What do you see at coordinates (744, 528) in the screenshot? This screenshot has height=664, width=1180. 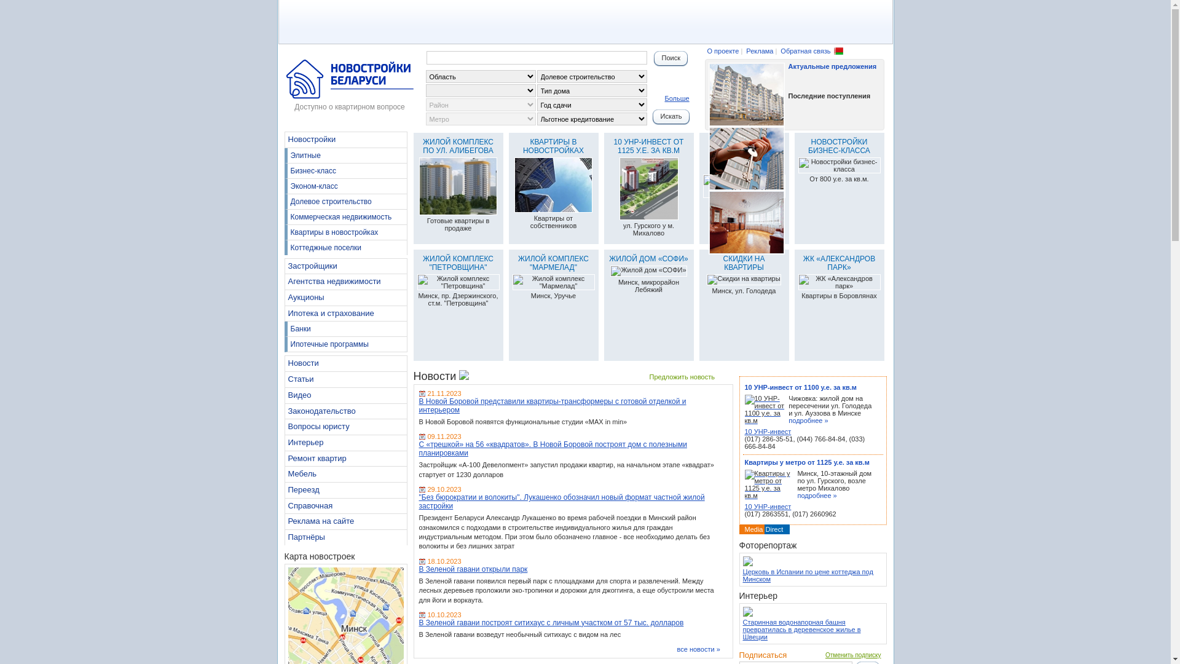 I see `'Media'` at bounding box center [744, 528].